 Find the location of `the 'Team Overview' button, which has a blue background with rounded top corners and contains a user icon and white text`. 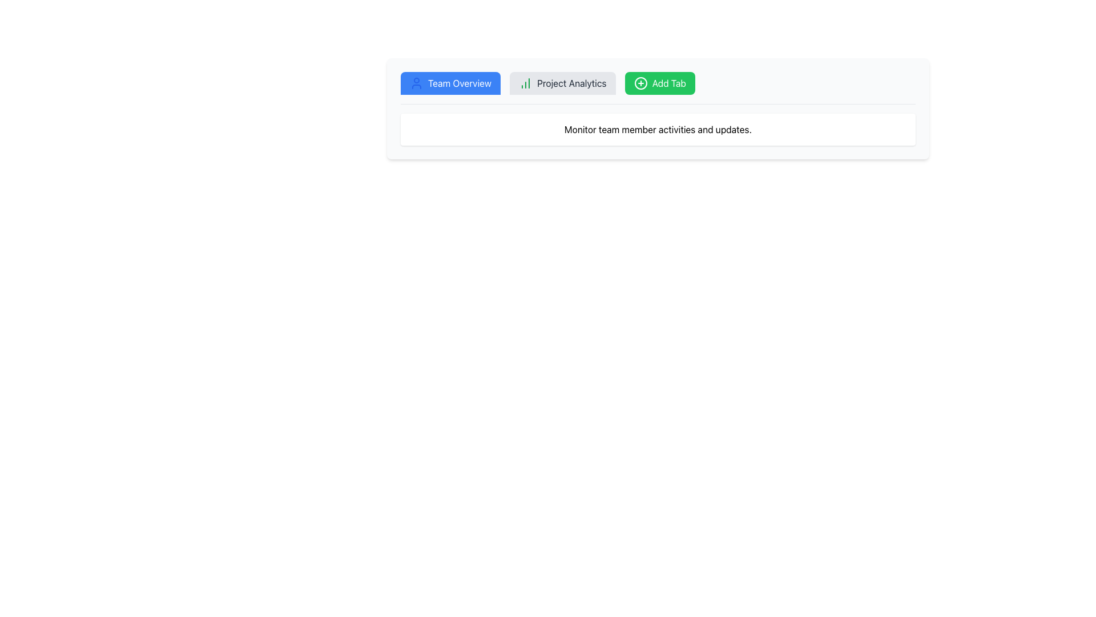

the 'Team Overview' button, which has a blue background with rounded top corners and contains a user icon and white text is located at coordinates (450, 83).